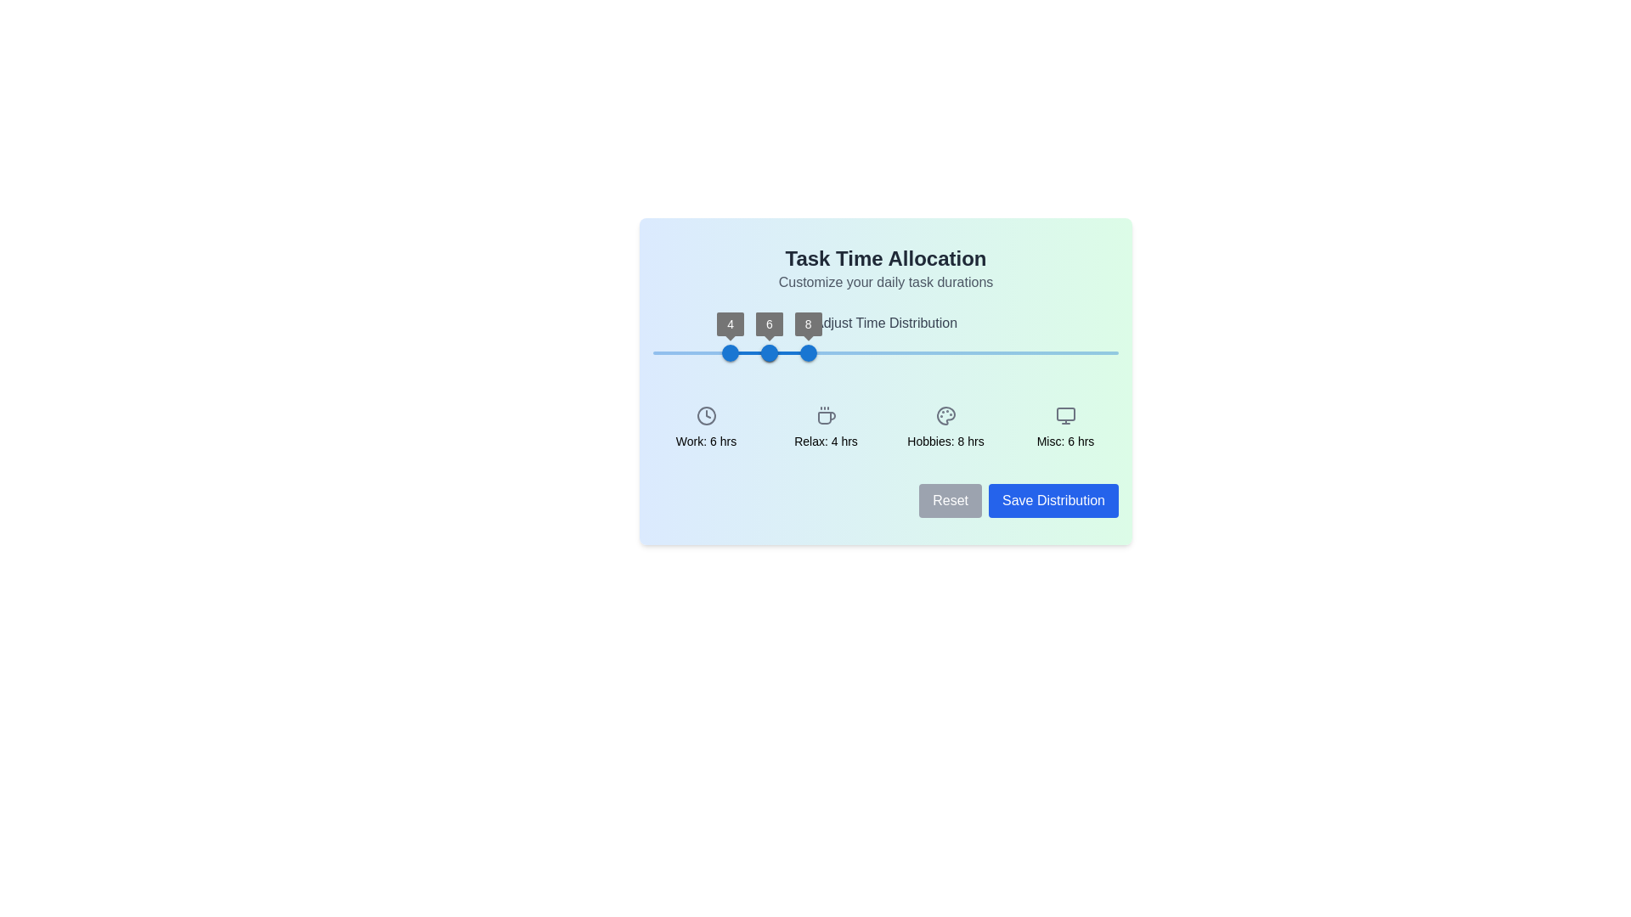 The width and height of the screenshot is (1631, 917). Describe the element at coordinates (708, 340) in the screenshot. I see `the slider` at that location.